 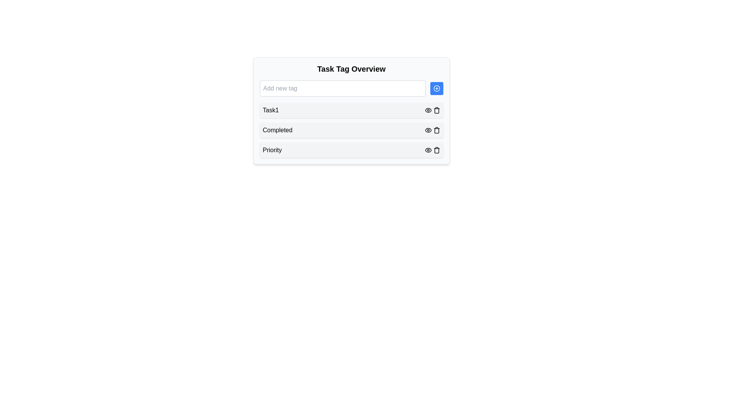 I want to click on the eye icon button in the 'Completed' section of the Task Tag Overview interface, so click(x=432, y=130).